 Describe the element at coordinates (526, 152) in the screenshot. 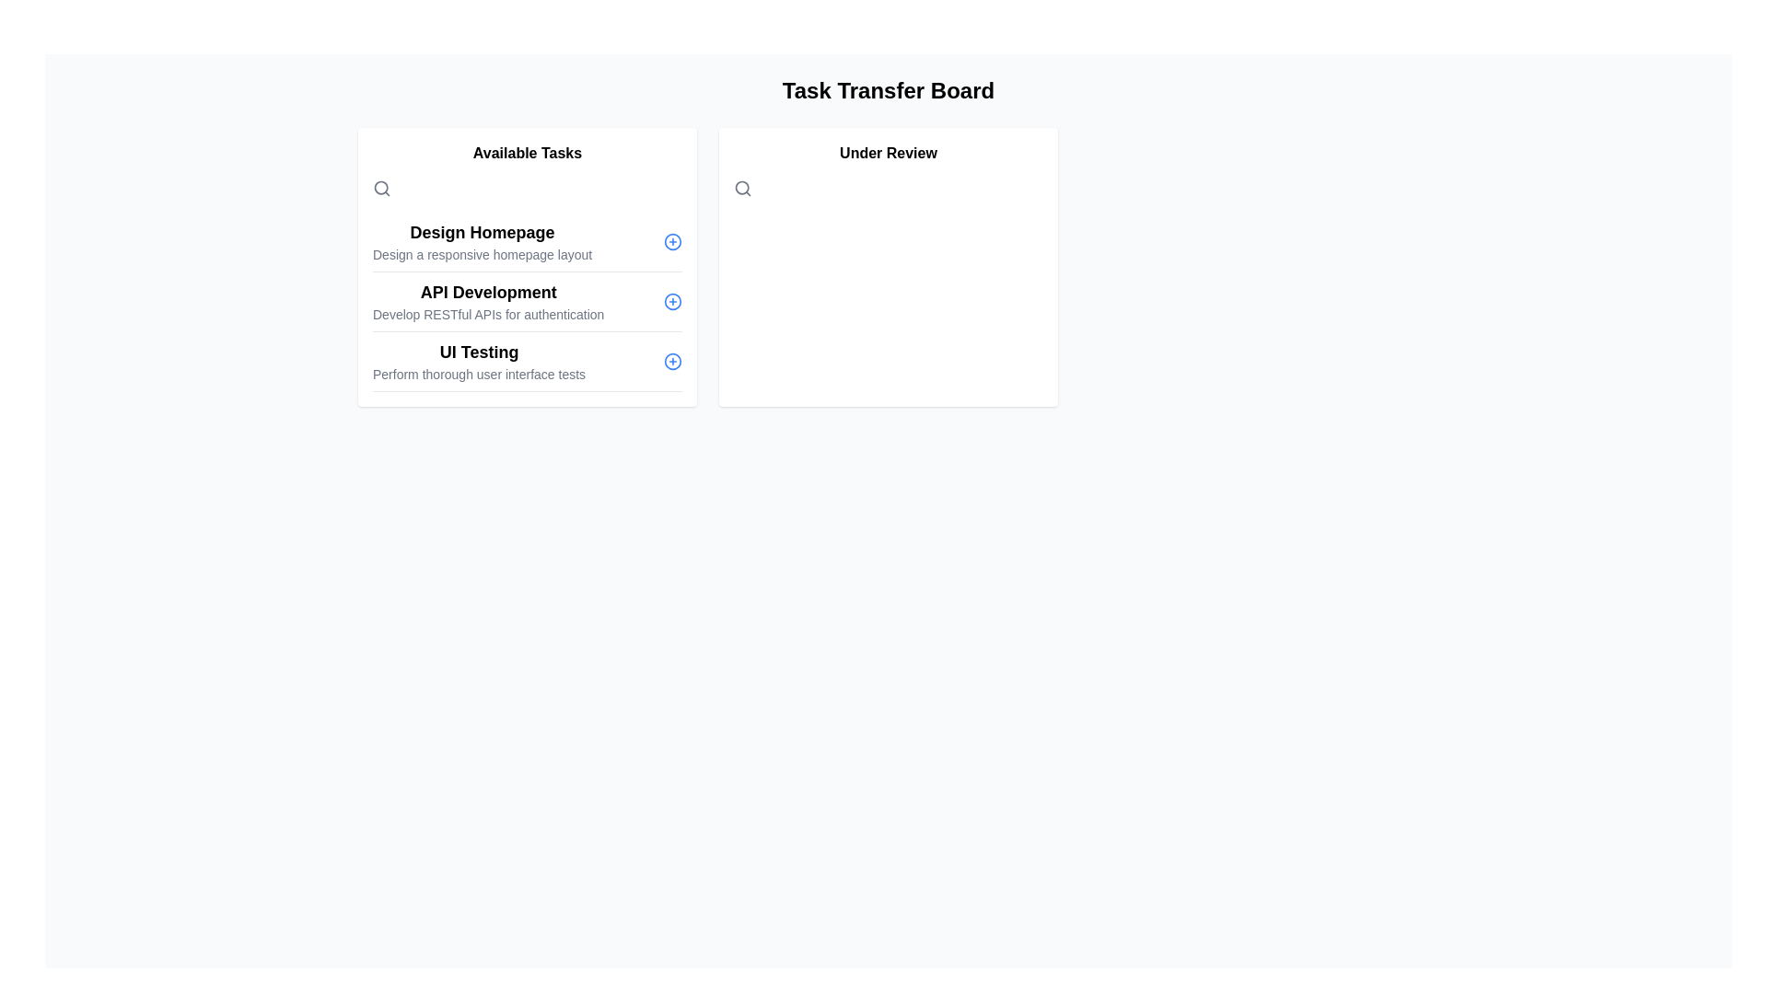

I see `the bold text label displaying 'Available Tasks' located at the upper-center section of the first column in the task management interface` at that location.